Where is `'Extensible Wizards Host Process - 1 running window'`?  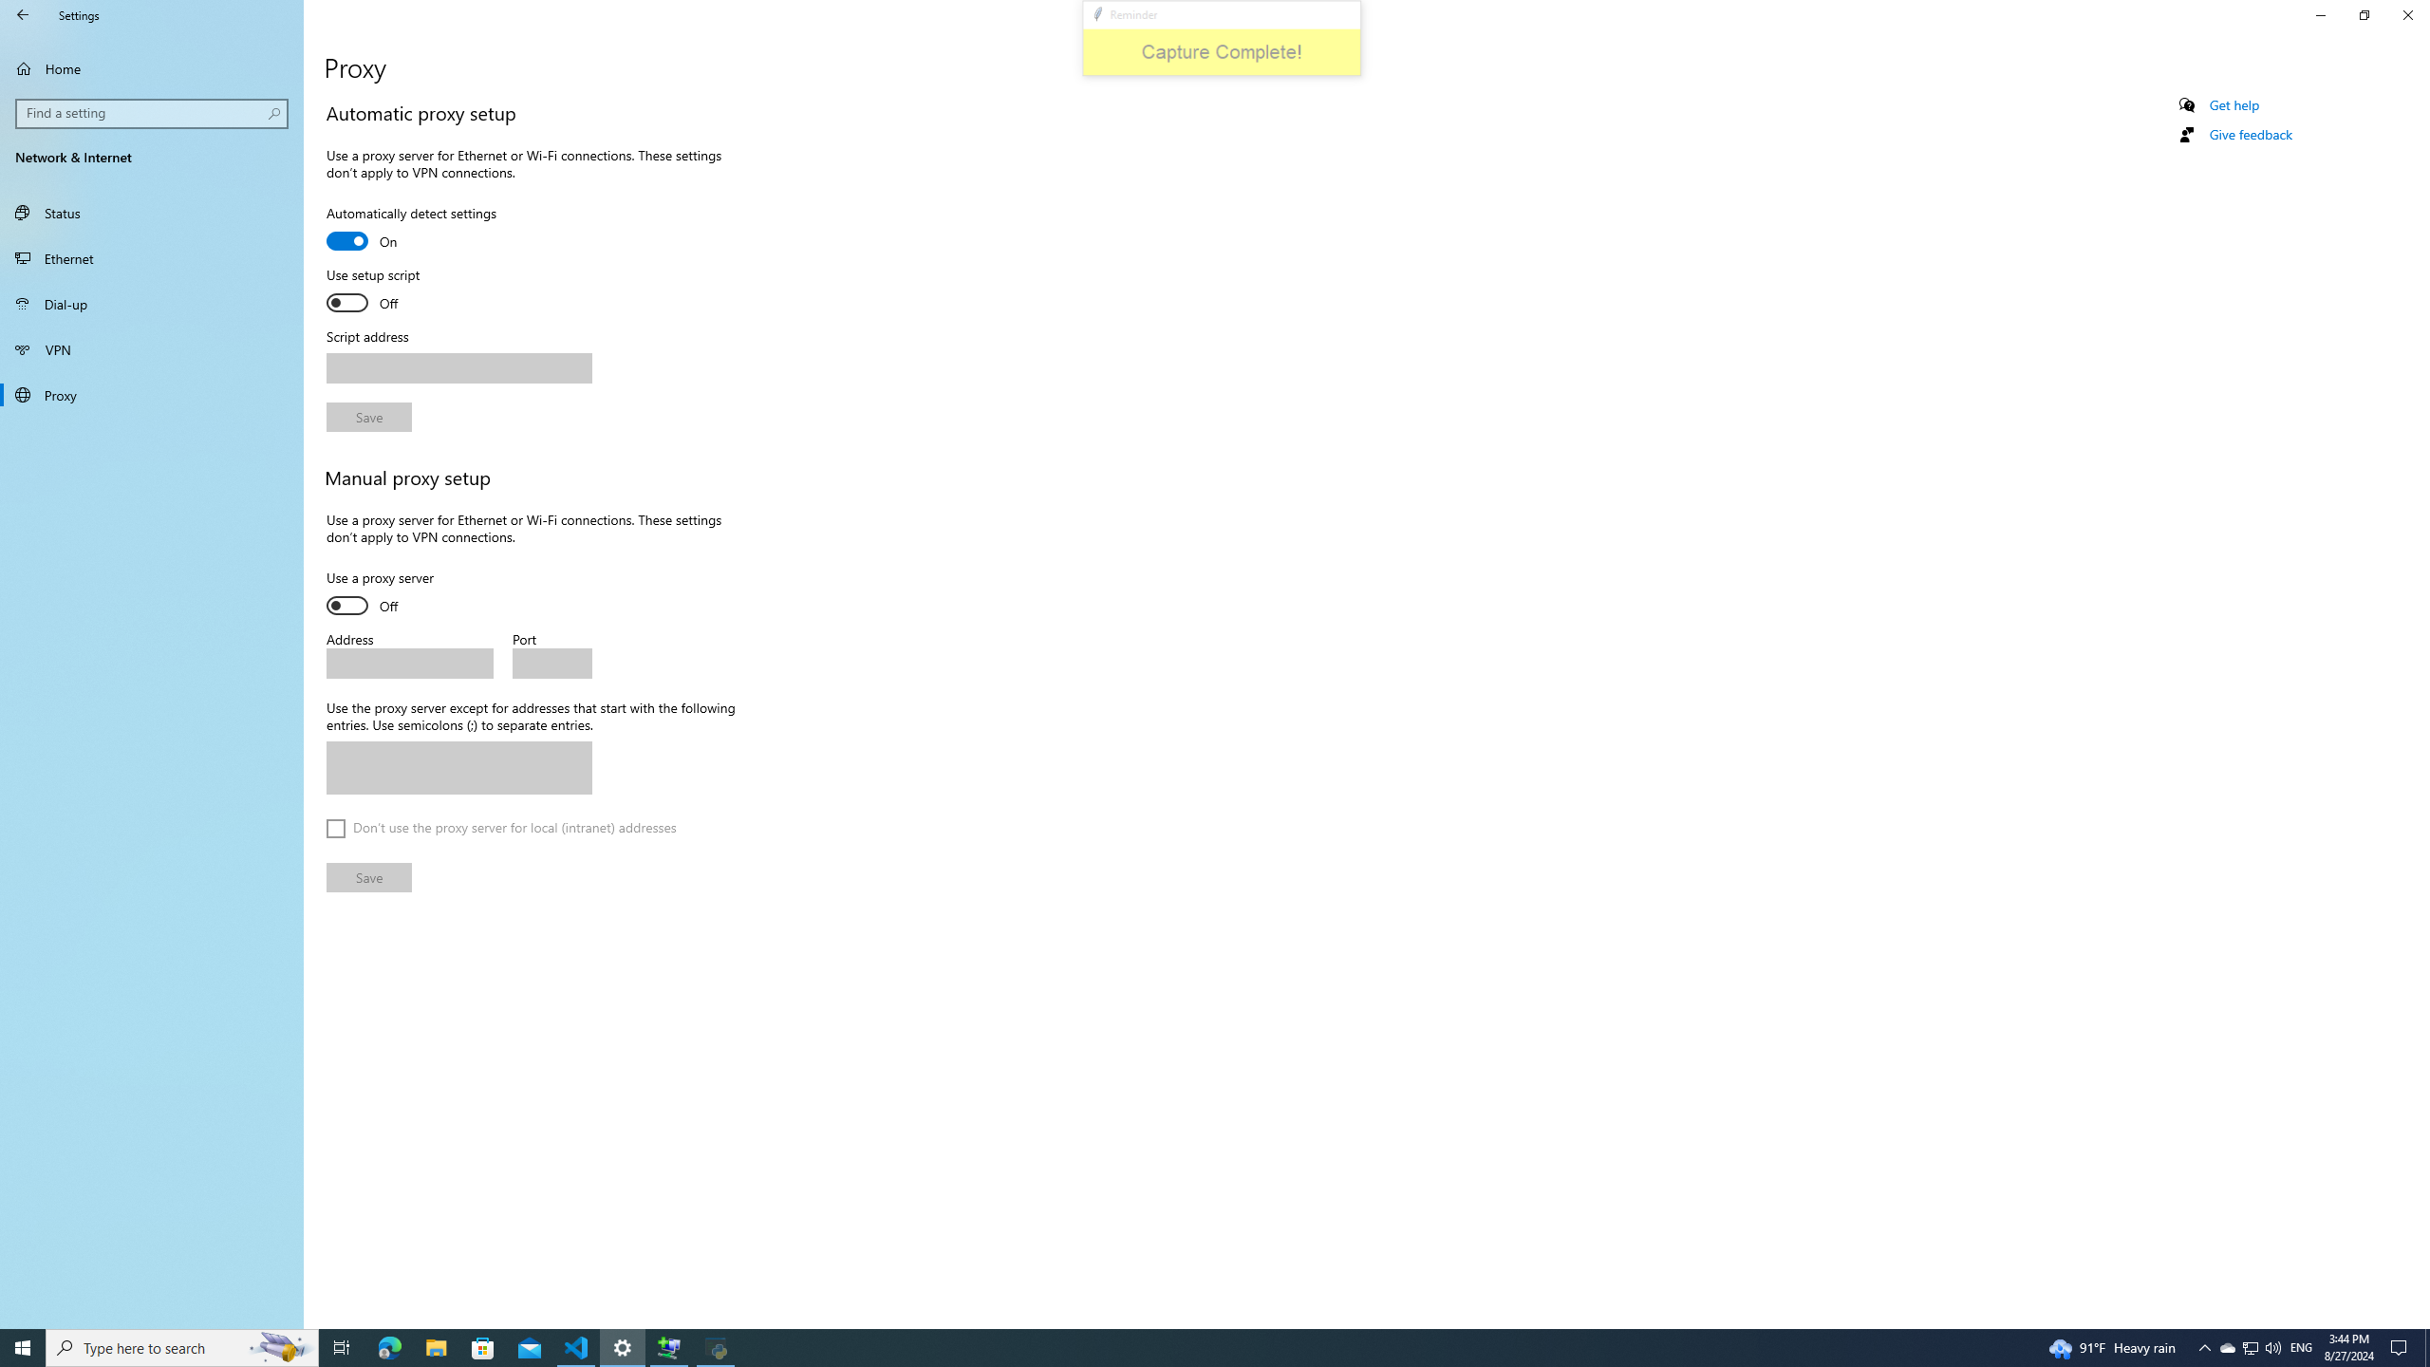
'Extensible Wizards Host Process - 1 running window' is located at coordinates (669, 1346).